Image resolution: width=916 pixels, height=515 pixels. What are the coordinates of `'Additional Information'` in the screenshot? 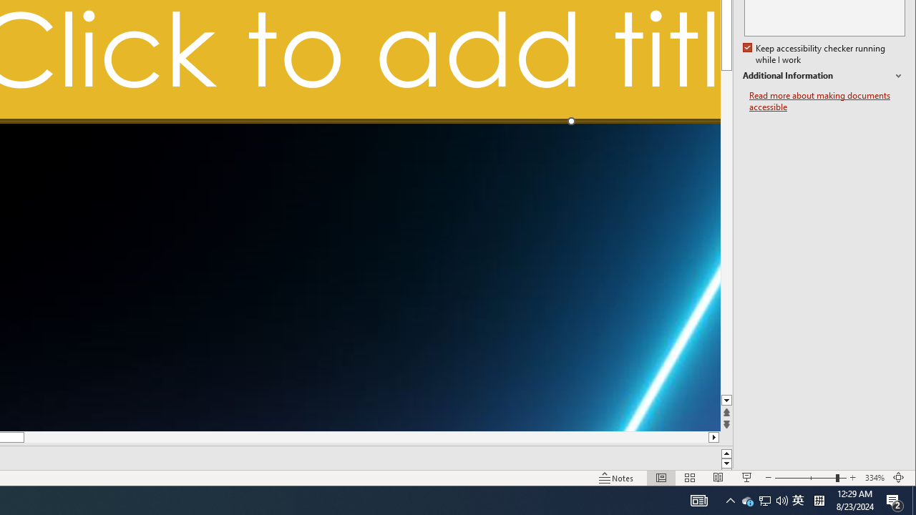 It's located at (824, 76).